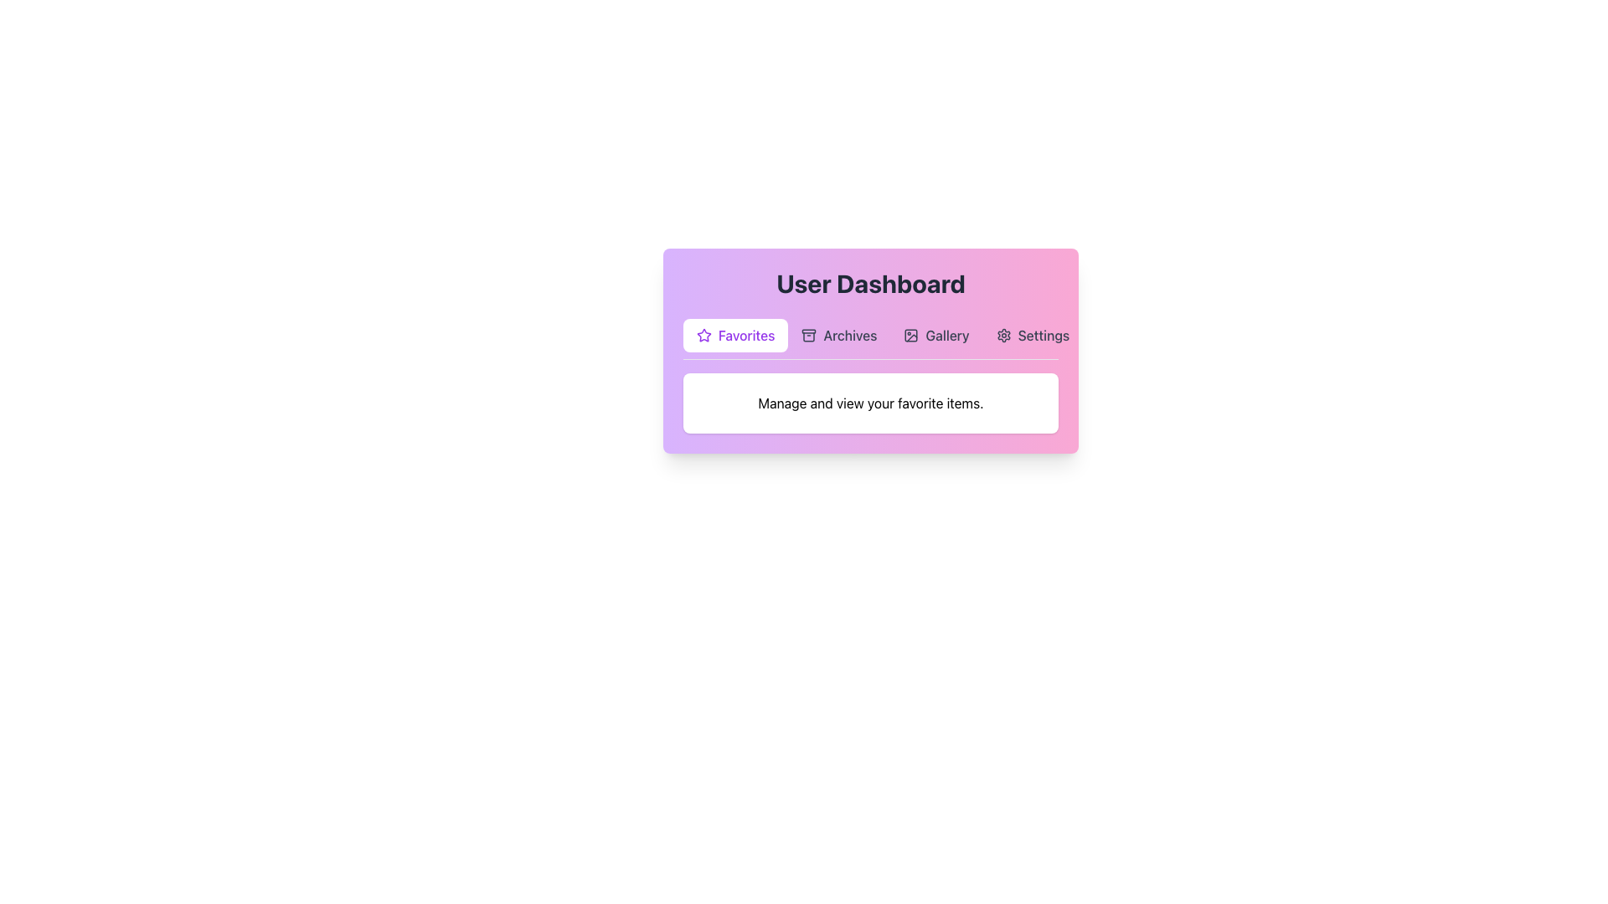 Image resolution: width=1608 pixels, height=904 pixels. Describe the element at coordinates (703, 335) in the screenshot. I see `the five-pointed star icon in the 'Favorites' navigation` at that location.